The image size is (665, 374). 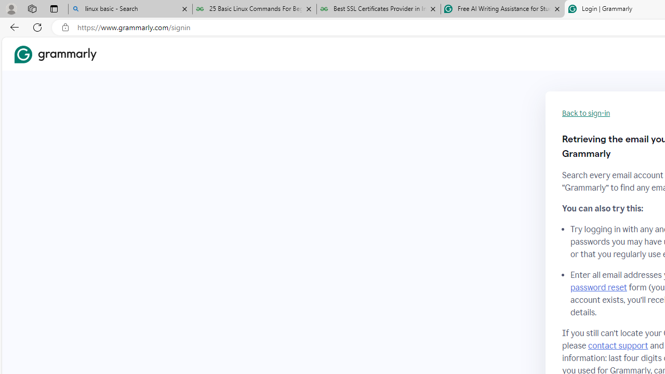 I want to click on 'Grammarly Home', so click(x=55, y=54).